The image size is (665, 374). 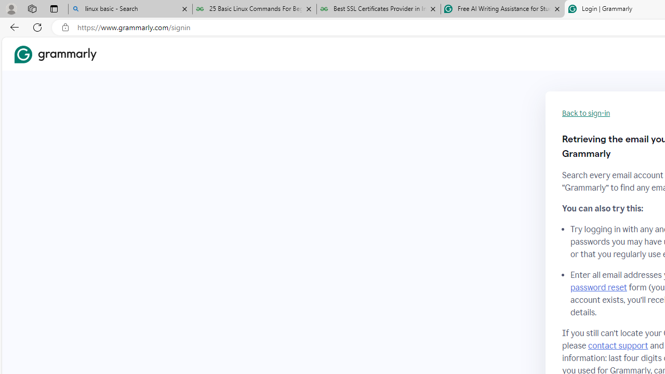 I want to click on 'Grammarly Home', so click(x=55, y=54).